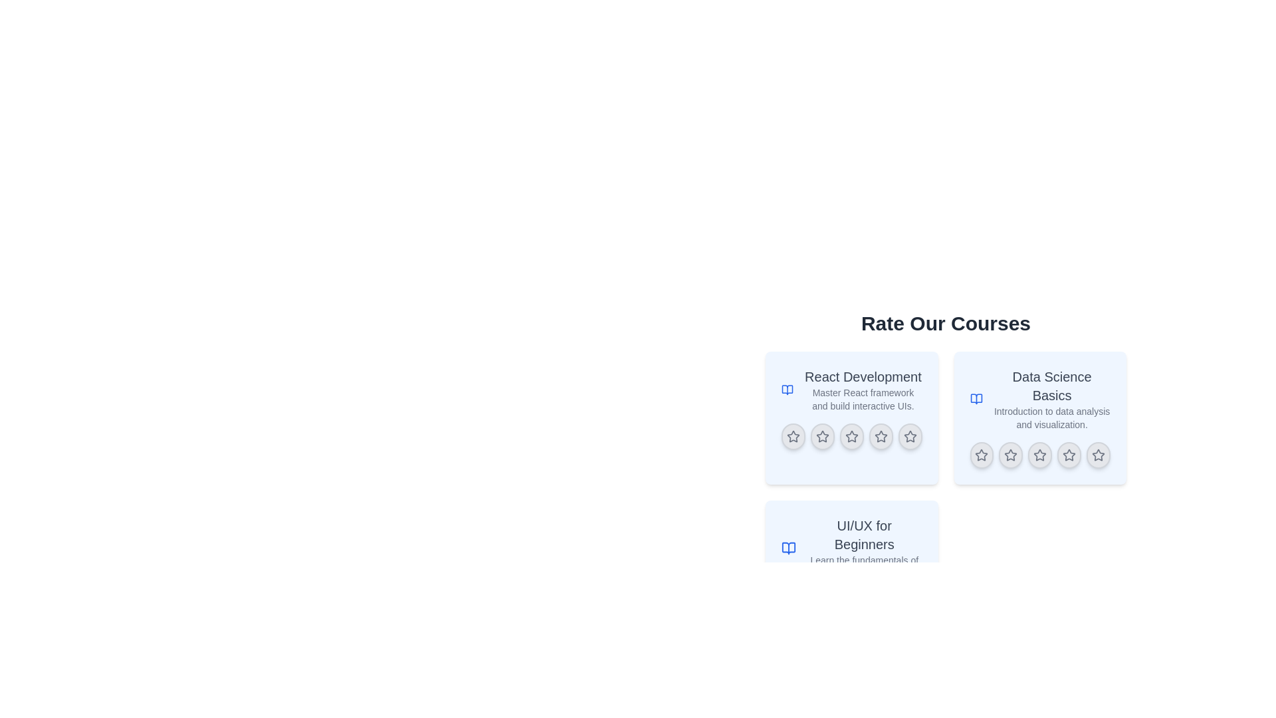 Image resolution: width=1276 pixels, height=718 pixels. What do you see at coordinates (851, 436) in the screenshot?
I see `the interactive rating widget consisting of five rounded stars, specifically` at bounding box center [851, 436].